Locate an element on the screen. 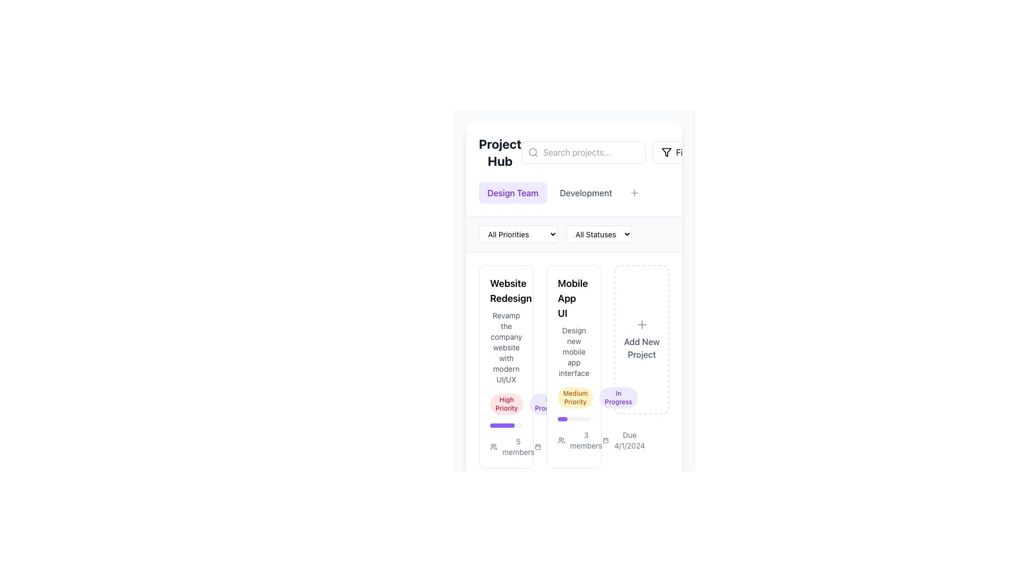 This screenshot has width=1024, height=576. the dropdown menu for filtering items by priority levels located in the upper-right section of the main content area, next to 'All Statuses' is located at coordinates (518, 234).